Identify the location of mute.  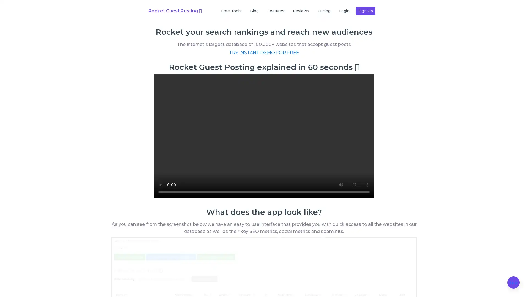
(340, 198).